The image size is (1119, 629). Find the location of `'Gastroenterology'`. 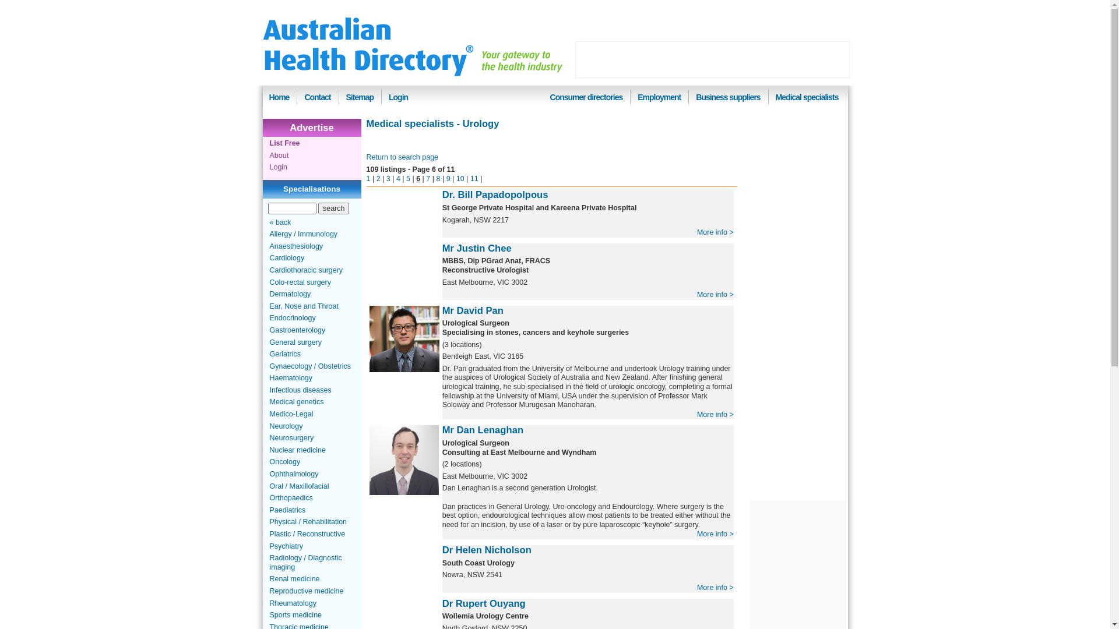

'Gastroenterology' is located at coordinates (297, 330).